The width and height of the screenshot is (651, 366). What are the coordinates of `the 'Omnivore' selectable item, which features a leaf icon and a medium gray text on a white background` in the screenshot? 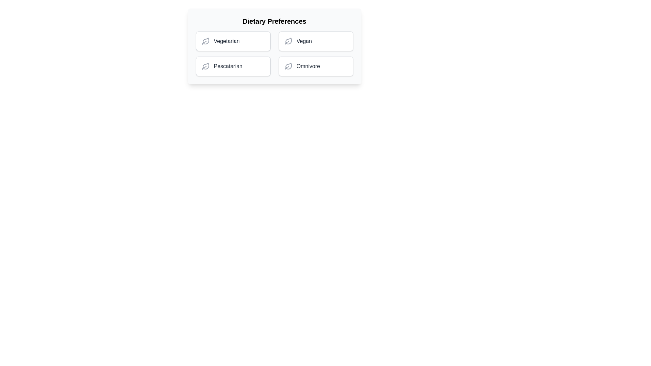 It's located at (315, 66).